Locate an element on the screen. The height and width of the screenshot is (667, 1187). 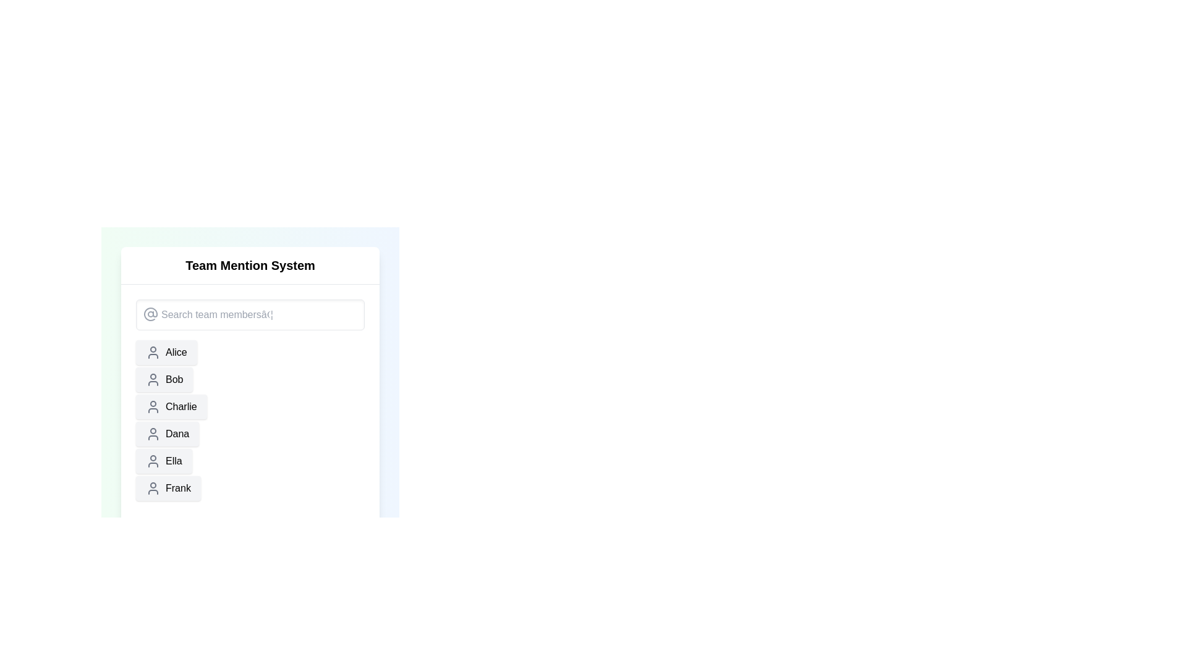
the text input field for 'Search team members...' to potentially display a tooltip is located at coordinates (249, 314).